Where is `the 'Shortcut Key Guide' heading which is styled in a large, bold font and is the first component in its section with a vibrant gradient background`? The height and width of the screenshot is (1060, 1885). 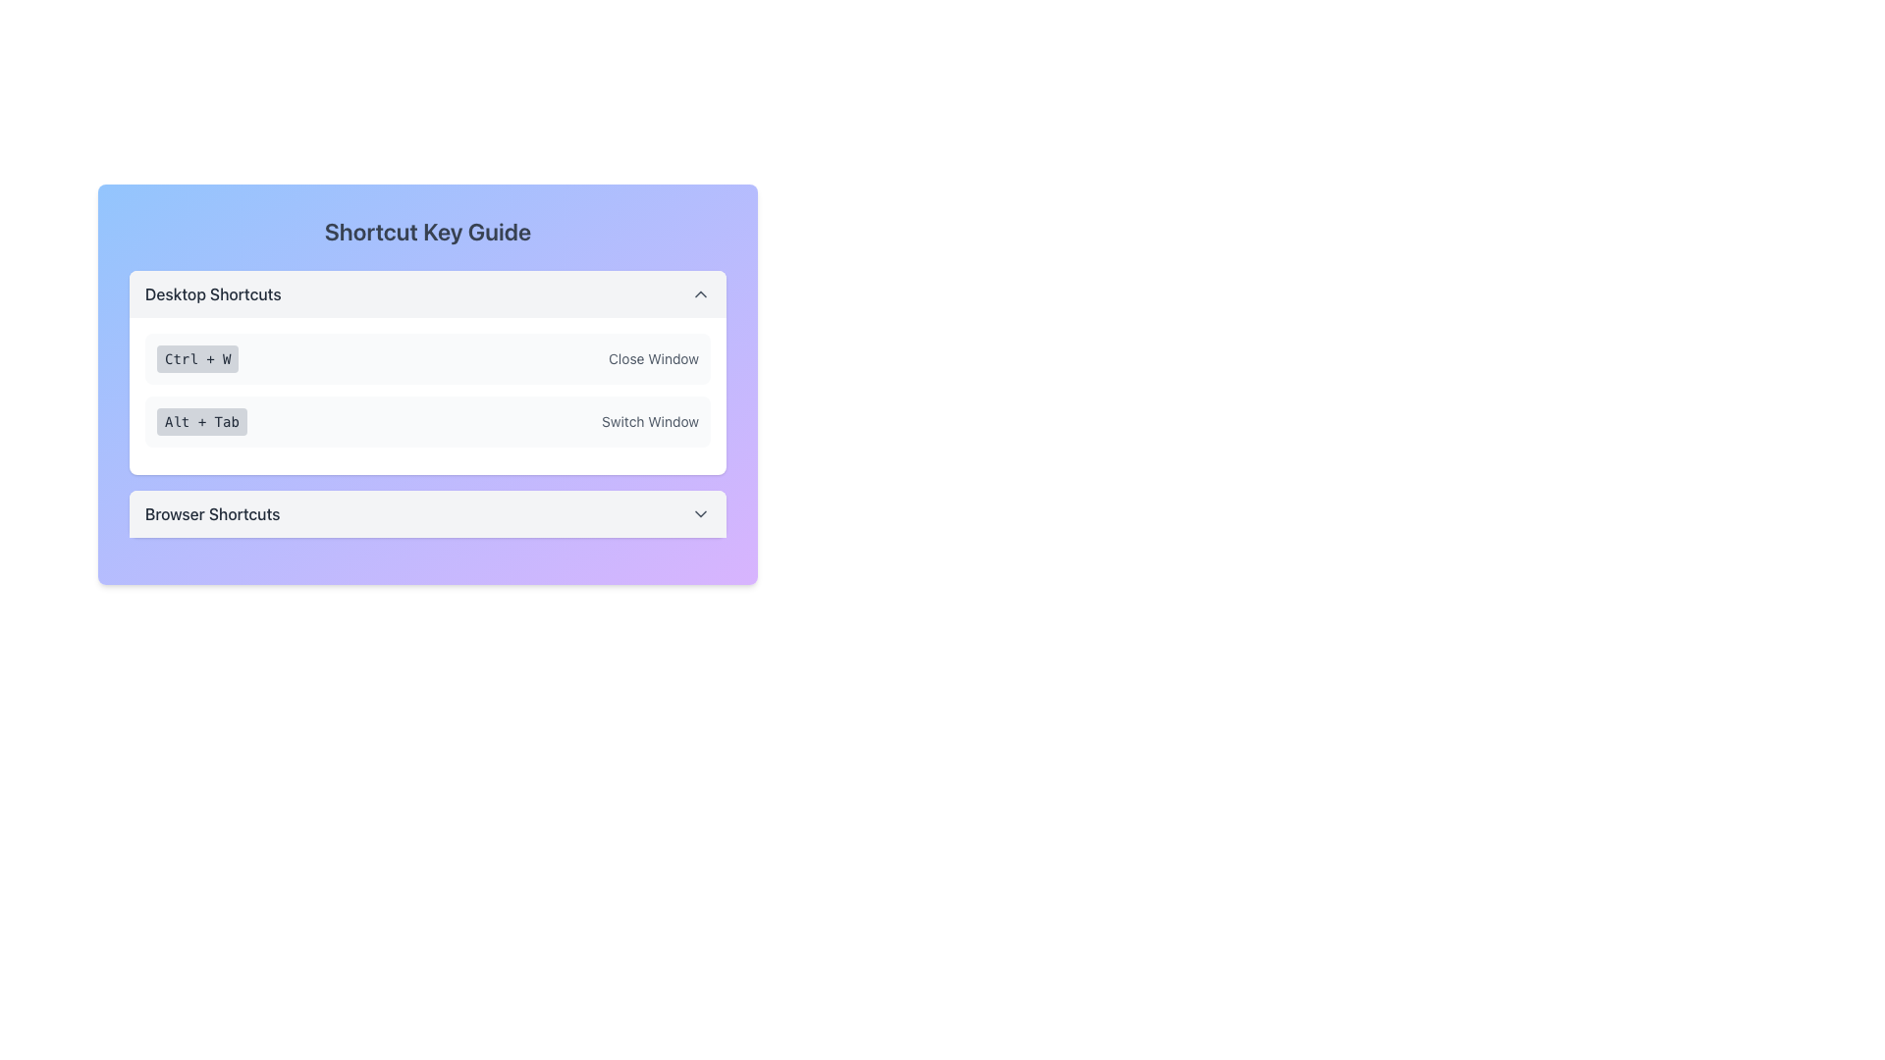
the 'Shortcut Key Guide' heading which is styled in a large, bold font and is the first component in its section with a vibrant gradient background is located at coordinates (427, 230).